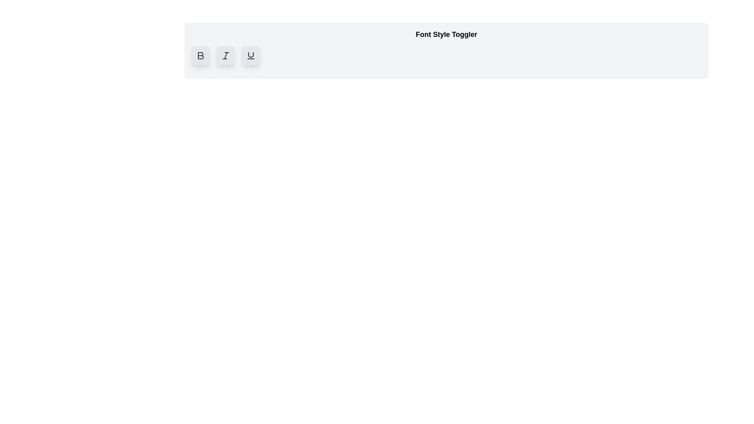 This screenshot has width=754, height=424. What do you see at coordinates (225, 55) in the screenshot?
I see `the italic toggle button, which is the second button in a horizontal group of three buttons` at bounding box center [225, 55].